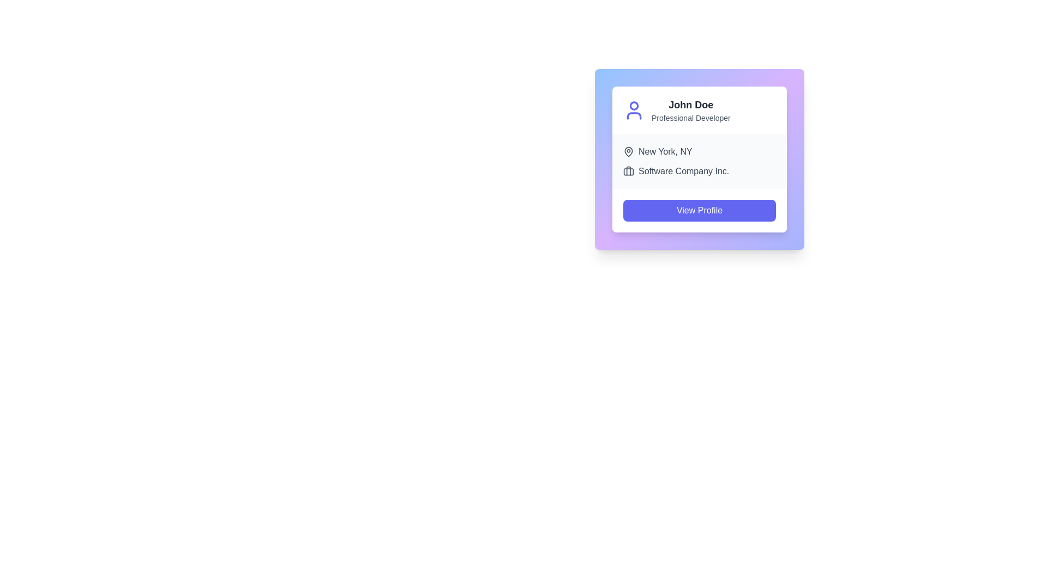  What do you see at coordinates (628, 151) in the screenshot?
I see `the gray map pin icon located to the left of the text 'New York, NY'` at bounding box center [628, 151].